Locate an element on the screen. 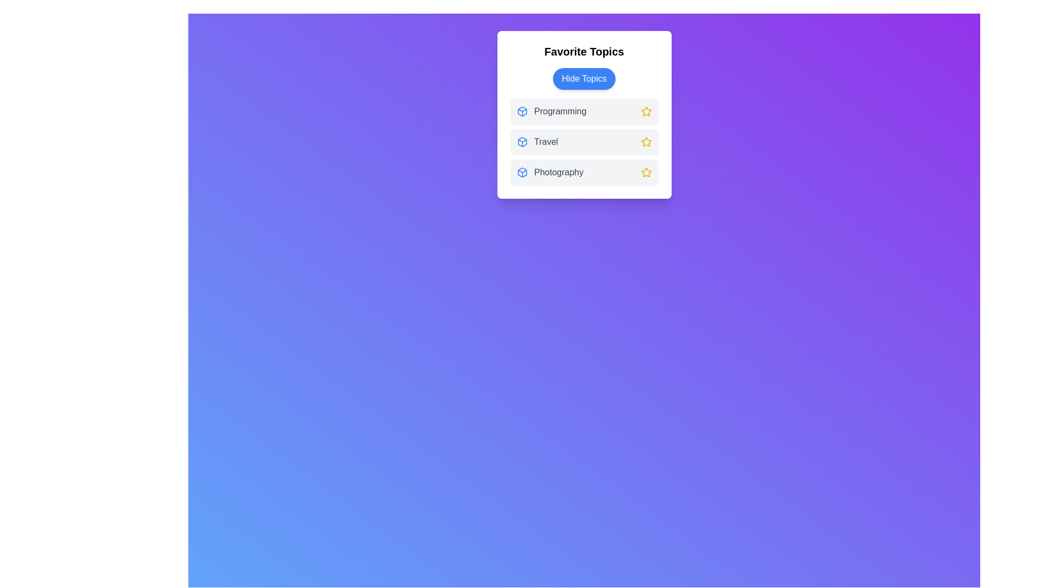  the cube-like SVG icon with a blue outline located to the left of the 'Travel' text is located at coordinates (521, 142).